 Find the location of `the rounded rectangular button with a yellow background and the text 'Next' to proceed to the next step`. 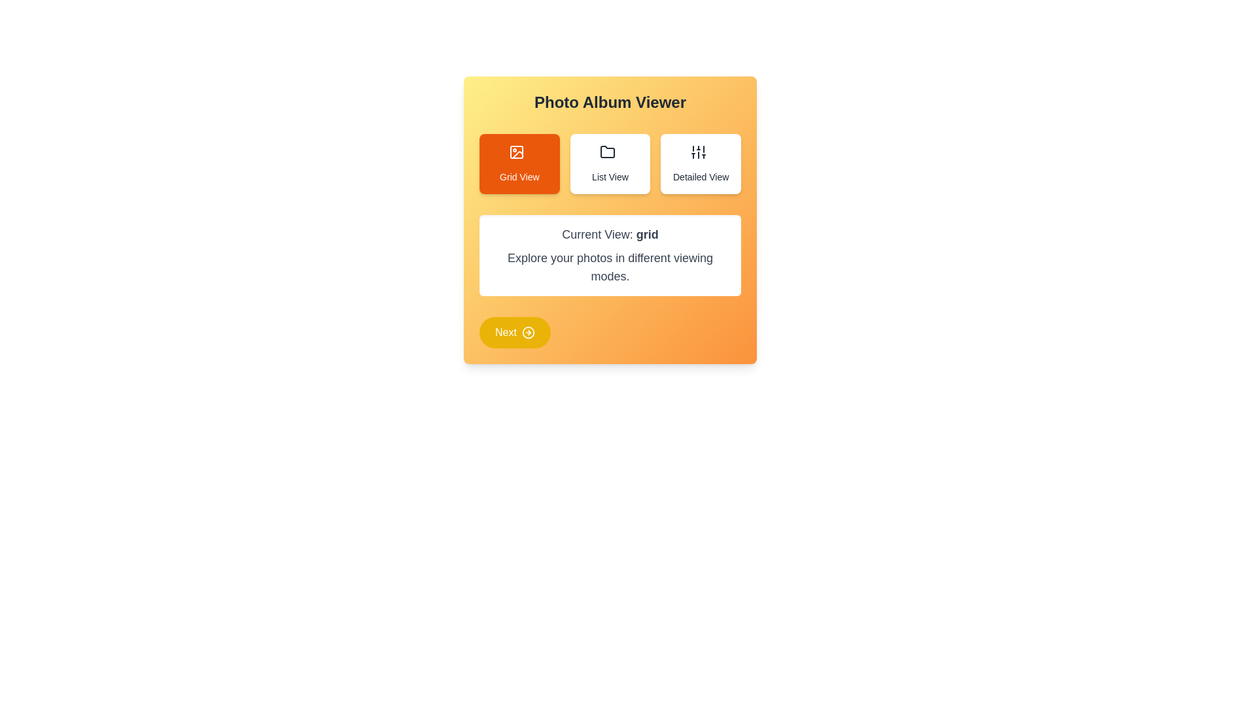

the rounded rectangular button with a yellow background and the text 'Next' to proceed to the next step is located at coordinates (514, 332).